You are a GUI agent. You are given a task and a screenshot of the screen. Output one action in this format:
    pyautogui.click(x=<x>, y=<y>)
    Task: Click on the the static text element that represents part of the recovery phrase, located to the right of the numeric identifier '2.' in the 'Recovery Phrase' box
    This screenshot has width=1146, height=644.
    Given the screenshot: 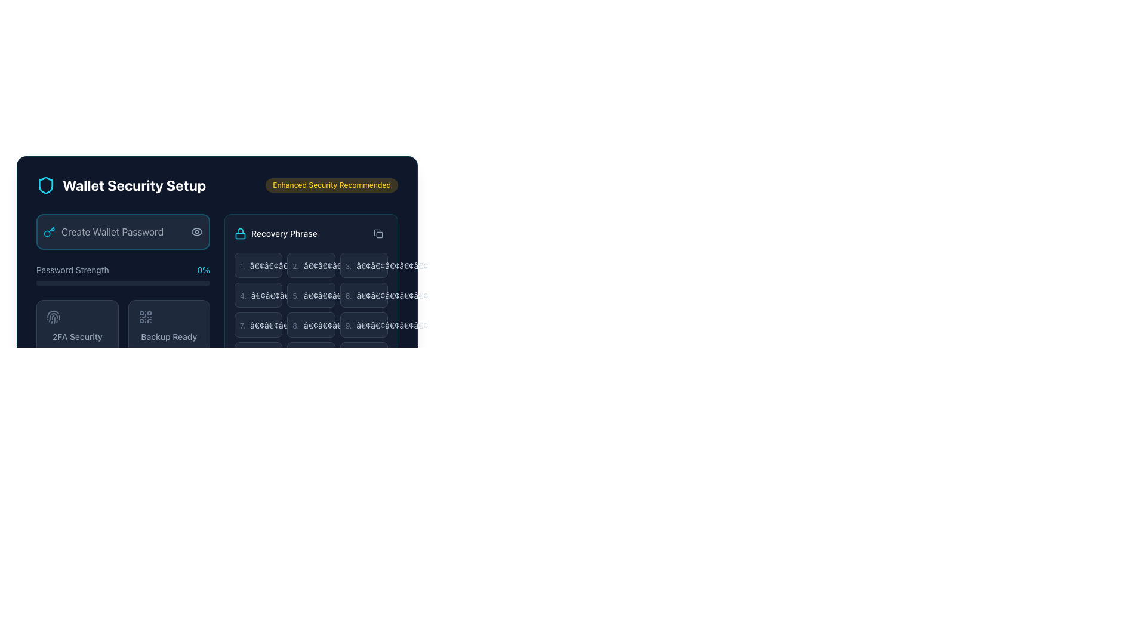 What is the action you would take?
    pyautogui.click(x=339, y=265)
    